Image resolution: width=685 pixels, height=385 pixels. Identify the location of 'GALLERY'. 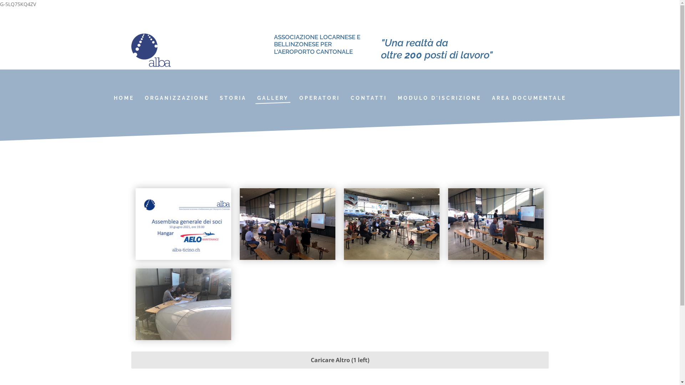
(272, 98).